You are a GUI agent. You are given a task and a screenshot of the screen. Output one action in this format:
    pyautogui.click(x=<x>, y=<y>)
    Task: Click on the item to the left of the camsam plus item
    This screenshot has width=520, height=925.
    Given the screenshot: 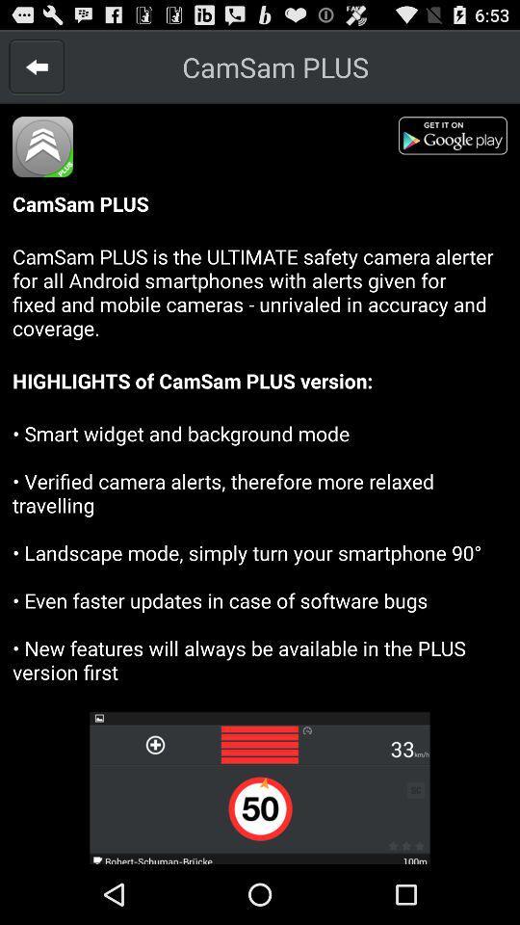 What is the action you would take?
    pyautogui.click(x=37, y=66)
    